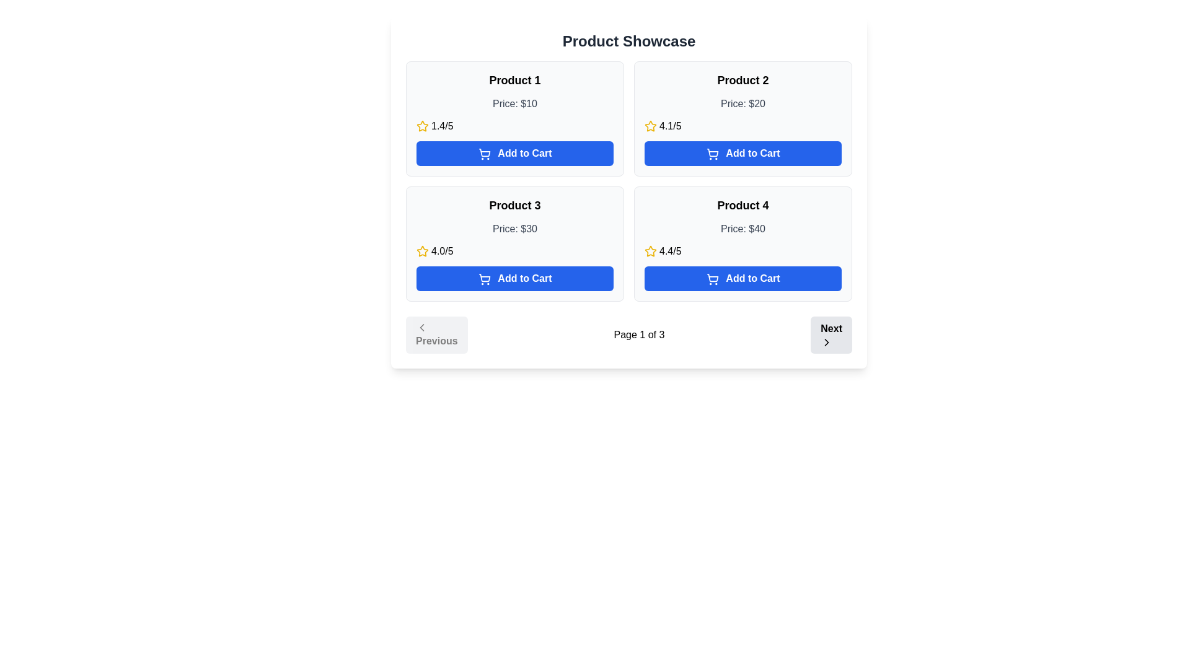 Image resolution: width=1190 pixels, height=669 pixels. I want to click on the pagination control icon labeled 'Previous' located at the bottom left of the page, so click(422, 326).